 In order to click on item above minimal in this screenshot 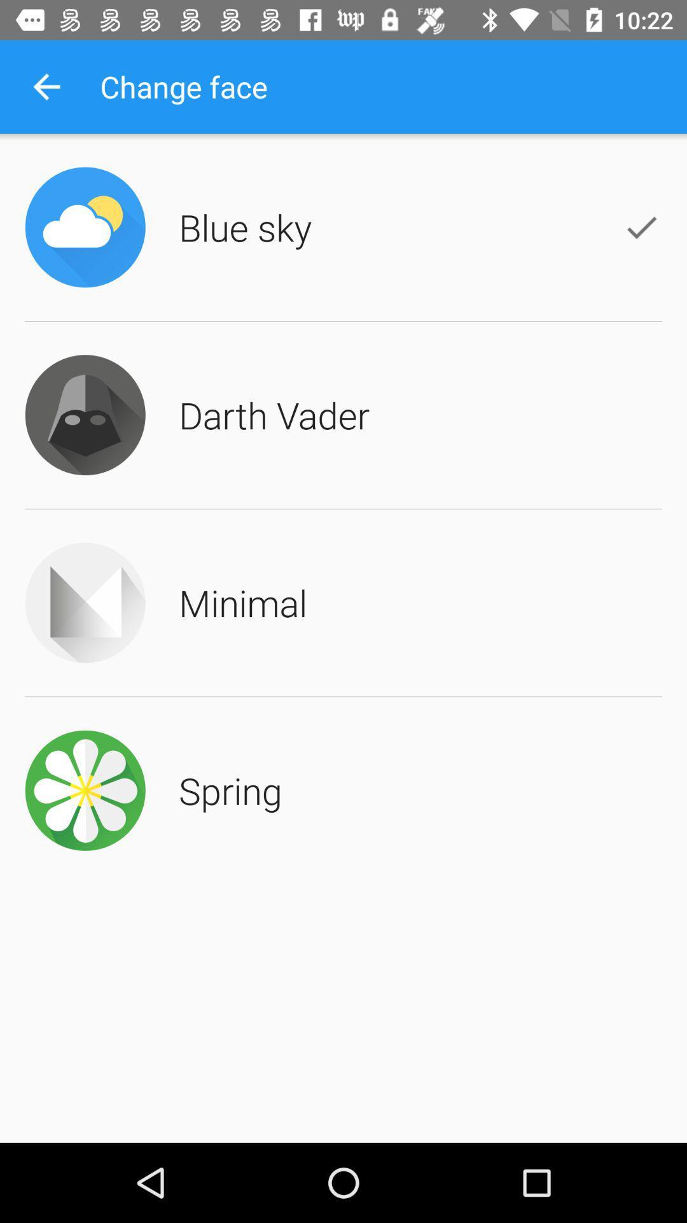, I will do `click(274, 415)`.